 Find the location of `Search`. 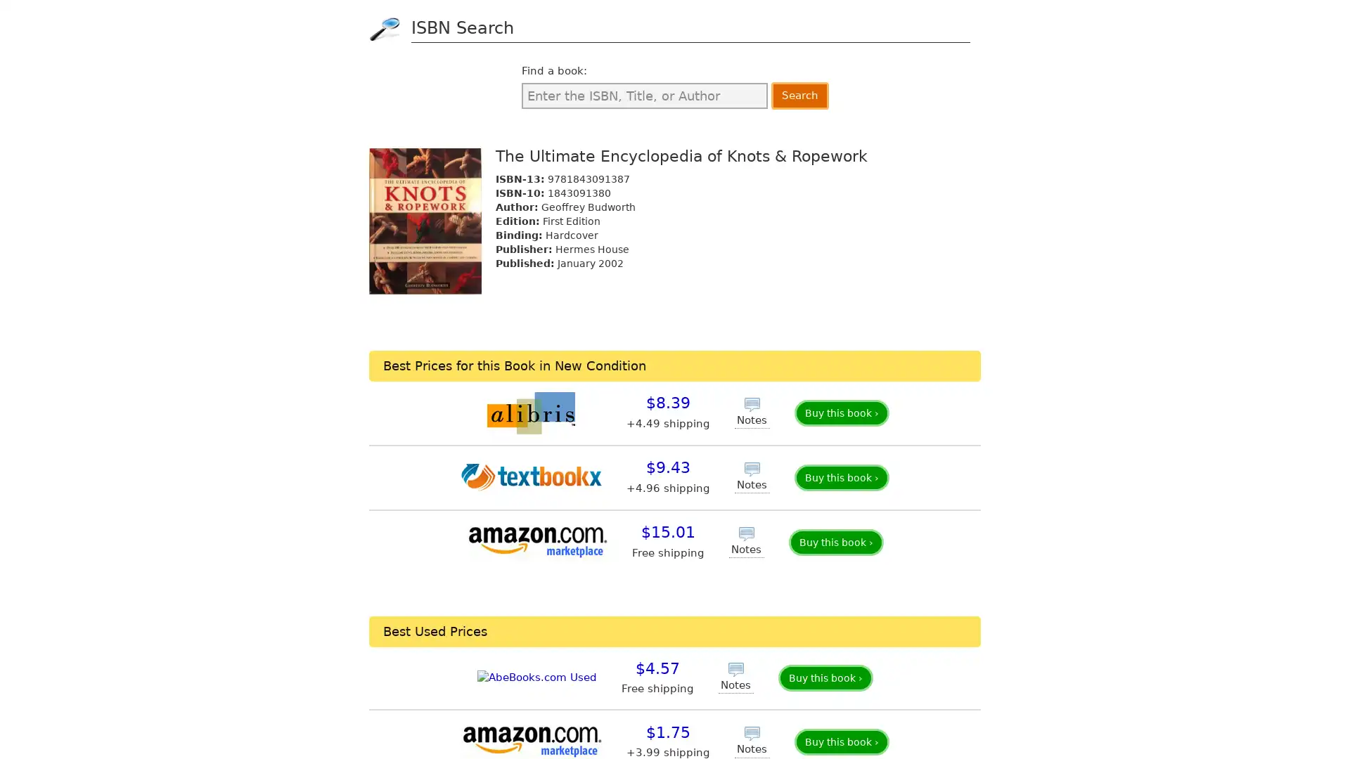

Search is located at coordinates (799, 95).